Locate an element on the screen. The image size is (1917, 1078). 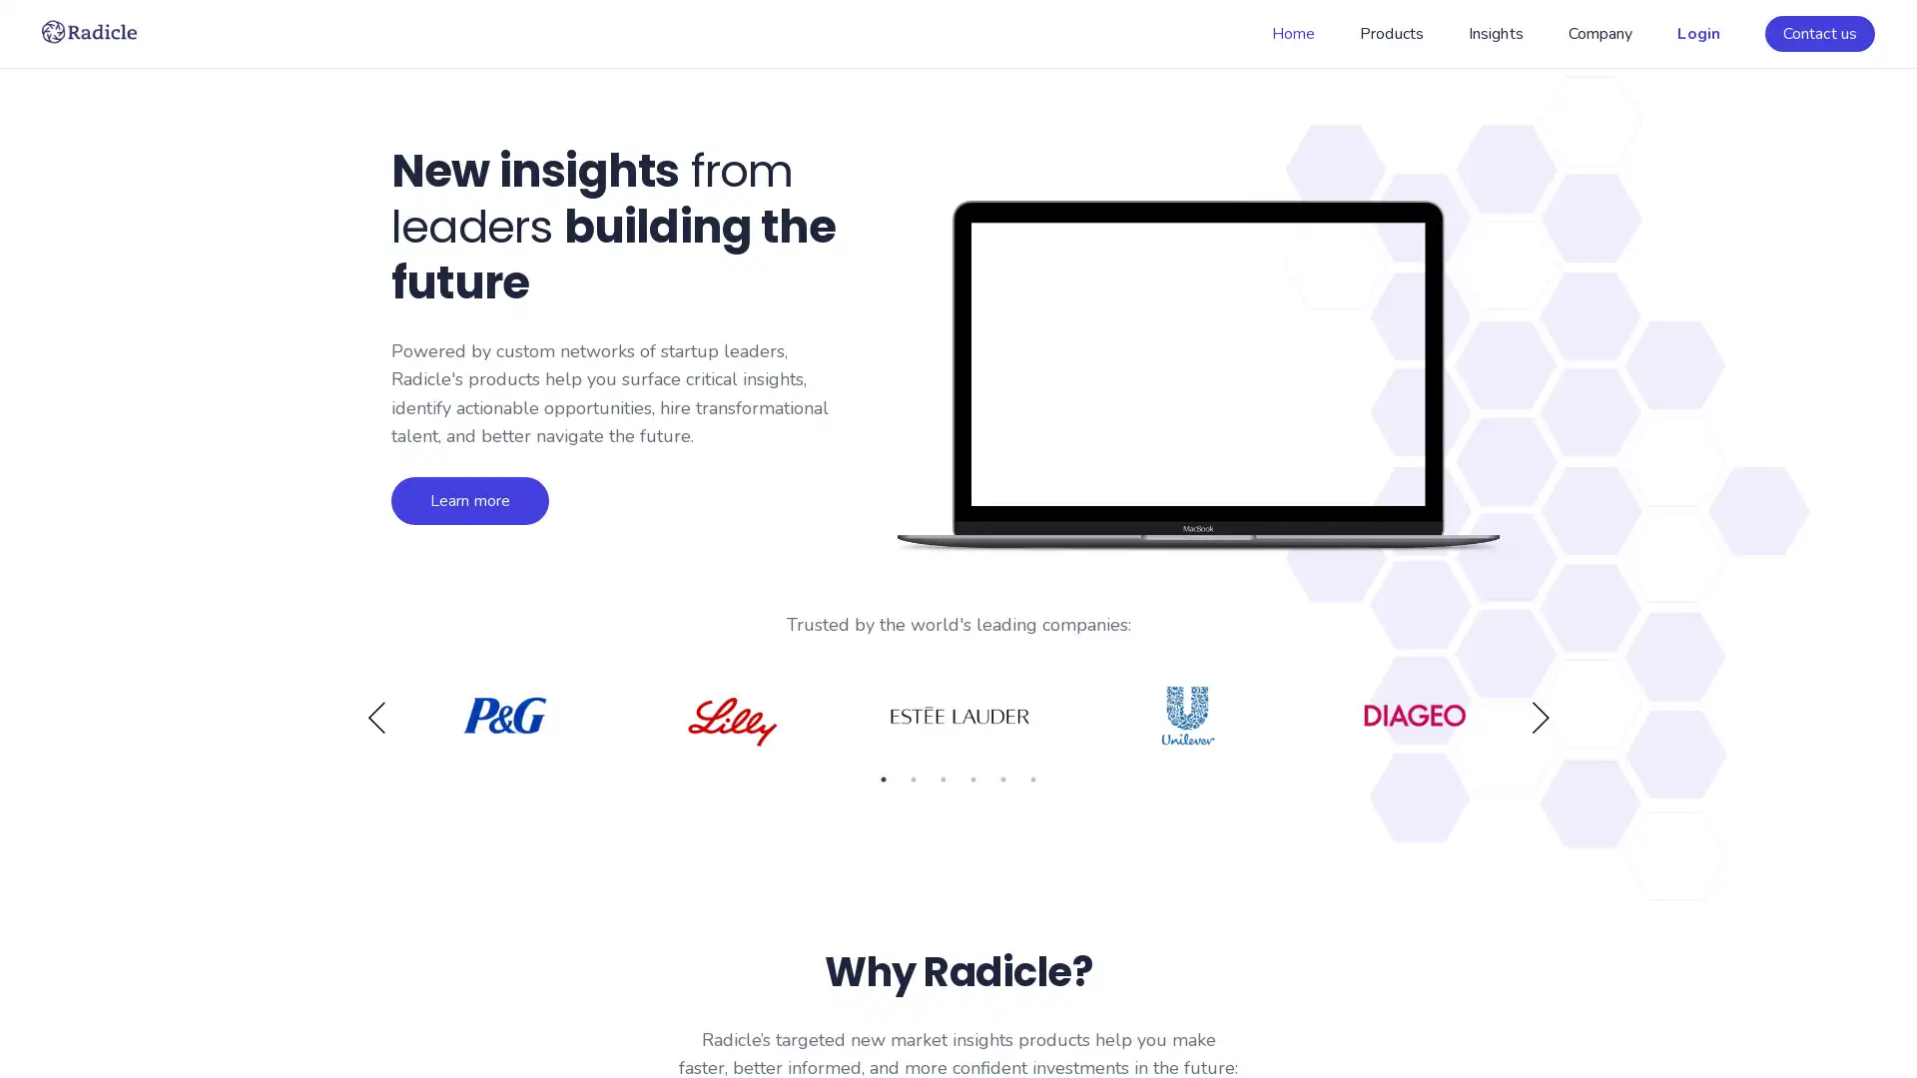
4 is located at coordinates (972, 784).